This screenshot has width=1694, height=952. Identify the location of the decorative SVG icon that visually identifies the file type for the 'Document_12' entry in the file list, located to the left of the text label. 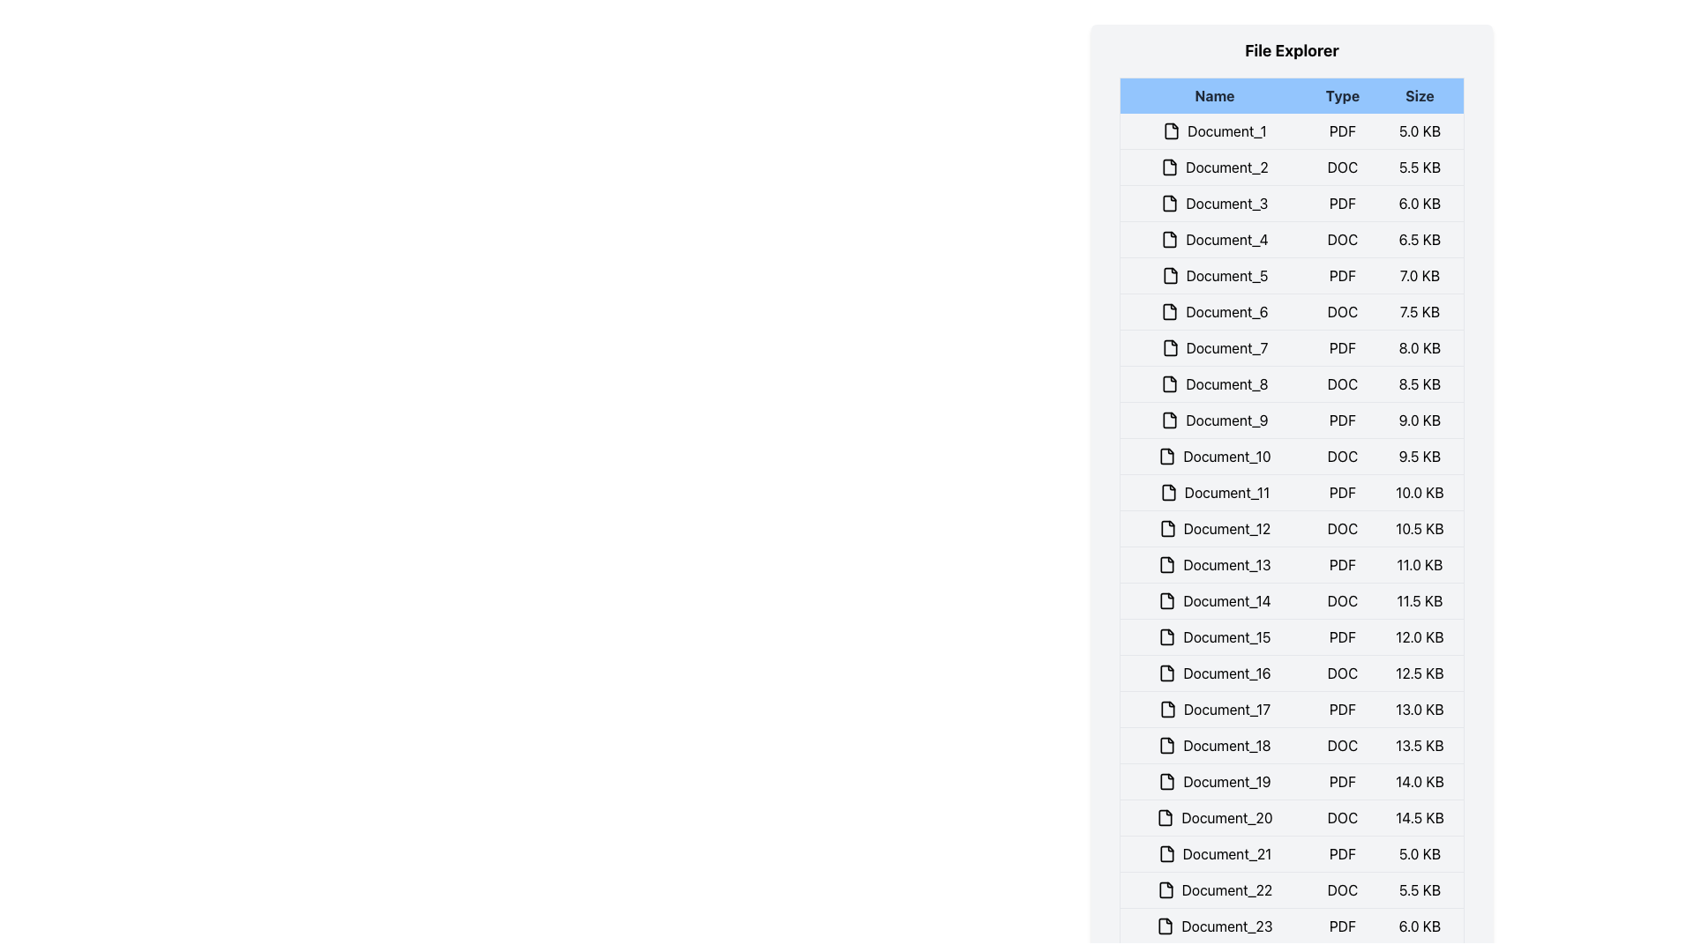
(1167, 528).